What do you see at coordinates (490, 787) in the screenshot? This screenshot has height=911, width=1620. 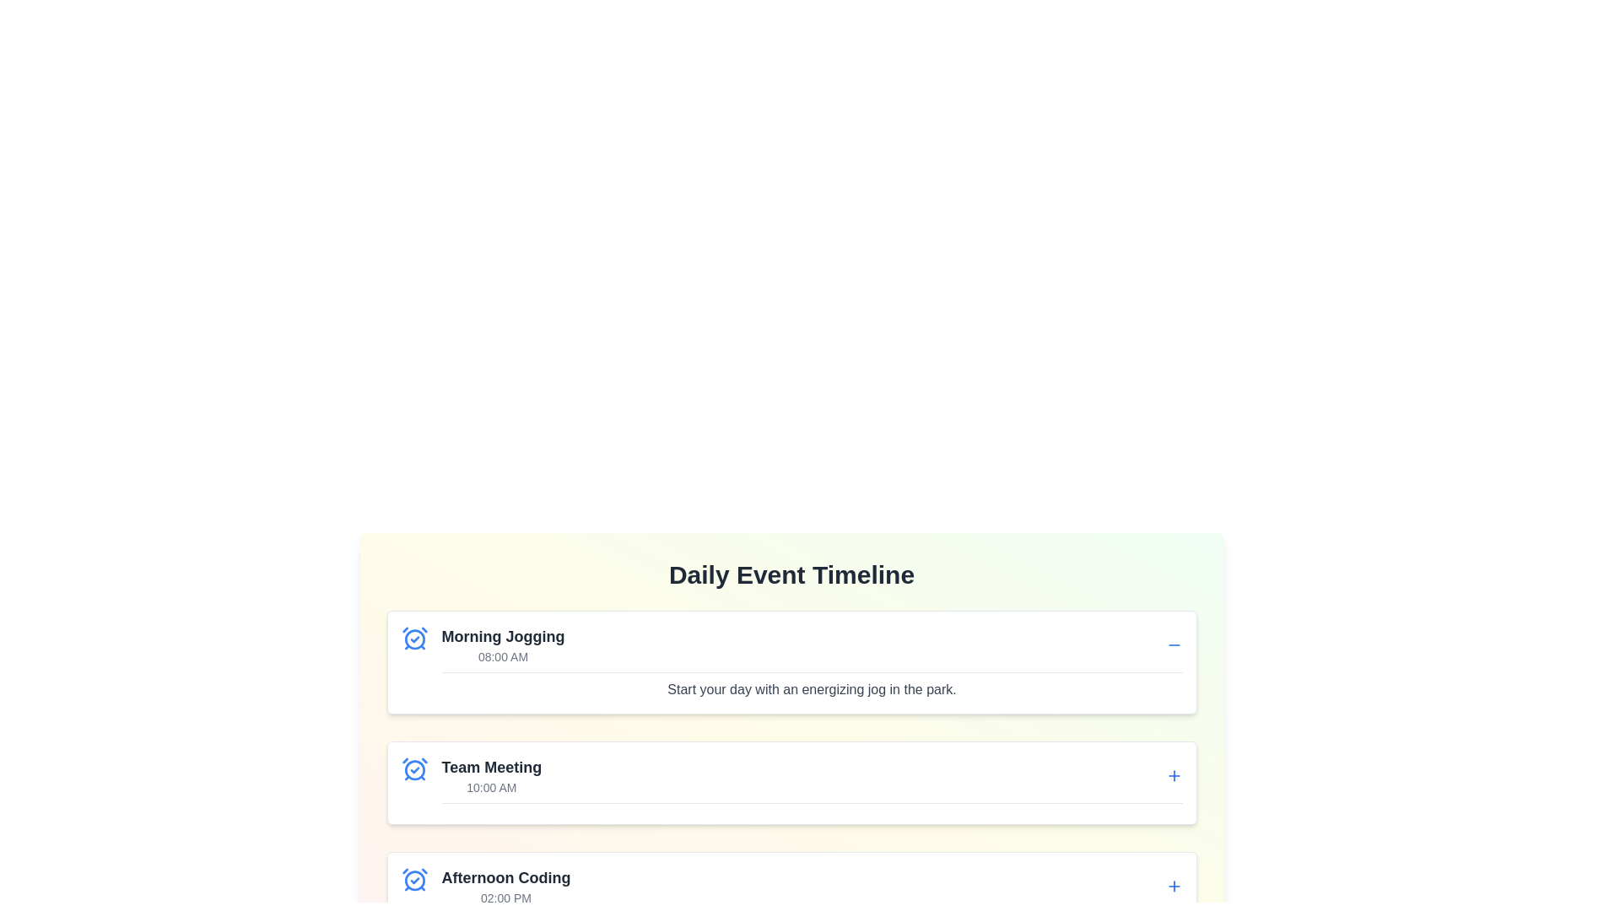 I see `the text label displaying '10:00 AM', which is positioned below the 'Team Meeting' title in the Daily Event Timeline interface` at bounding box center [490, 787].